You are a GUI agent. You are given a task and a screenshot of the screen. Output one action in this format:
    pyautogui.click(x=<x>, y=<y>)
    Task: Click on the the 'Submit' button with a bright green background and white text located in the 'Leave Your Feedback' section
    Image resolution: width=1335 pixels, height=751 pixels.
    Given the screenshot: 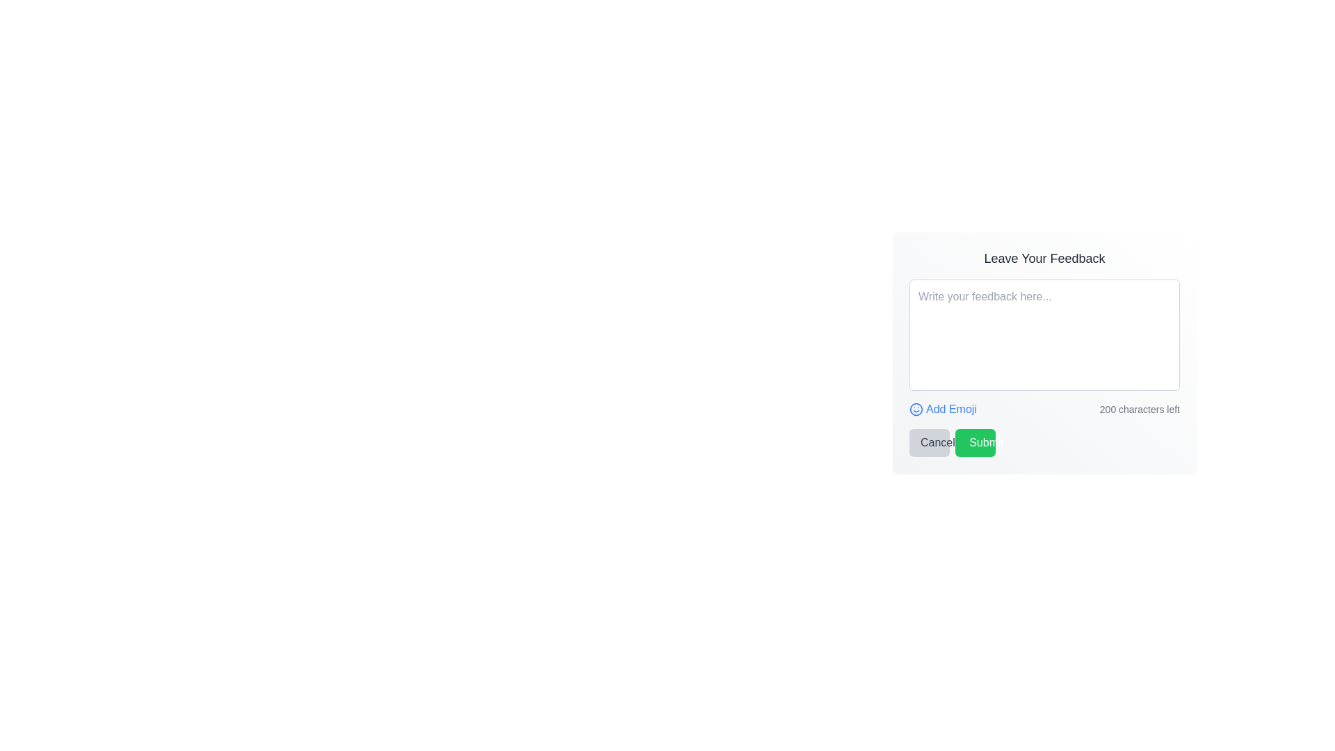 What is the action you would take?
    pyautogui.click(x=975, y=442)
    